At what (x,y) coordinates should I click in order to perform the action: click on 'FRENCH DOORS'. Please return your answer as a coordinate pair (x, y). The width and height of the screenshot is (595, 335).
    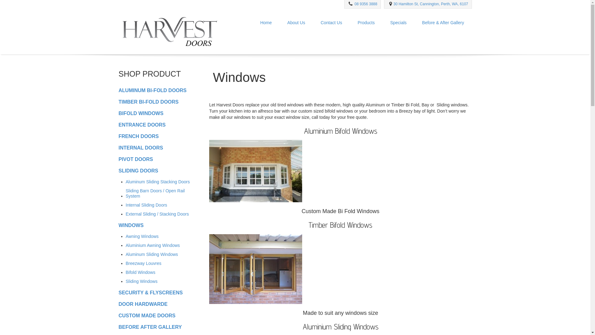
    Looking at the image, I should click on (138, 136).